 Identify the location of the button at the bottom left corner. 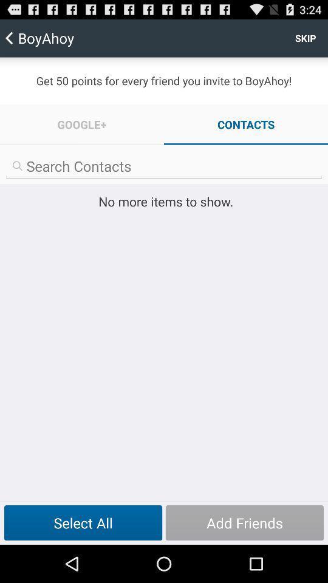
(83, 522).